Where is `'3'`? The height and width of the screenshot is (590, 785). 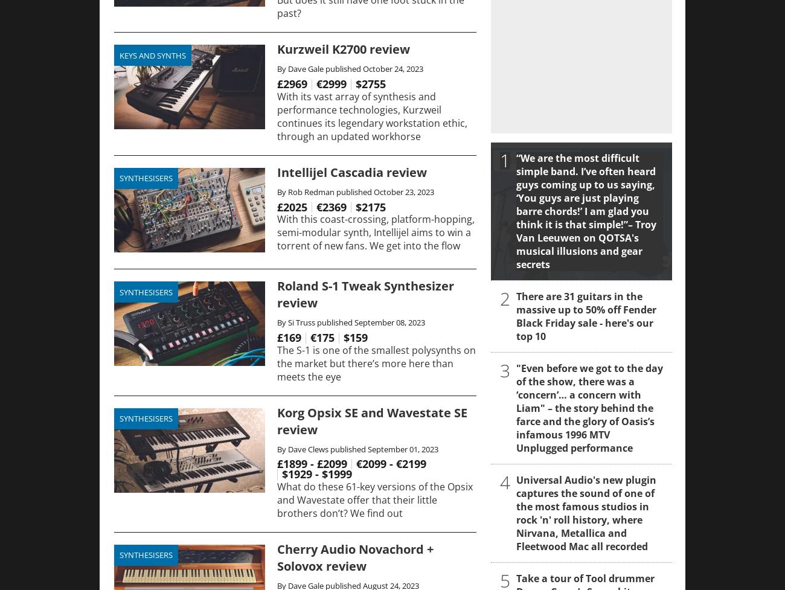 '3' is located at coordinates (505, 370).